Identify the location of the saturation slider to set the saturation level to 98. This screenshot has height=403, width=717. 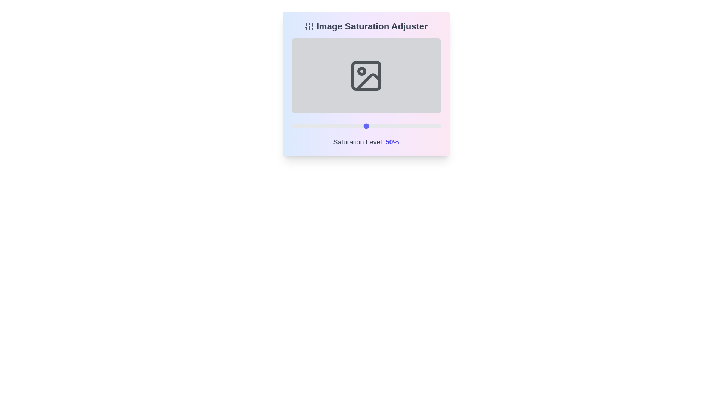
(438, 126).